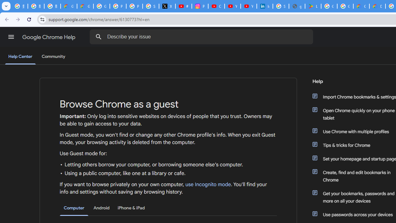 The width and height of the screenshot is (396, 223). Describe the element at coordinates (11, 37) in the screenshot. I see `'Main menu'` at that location.